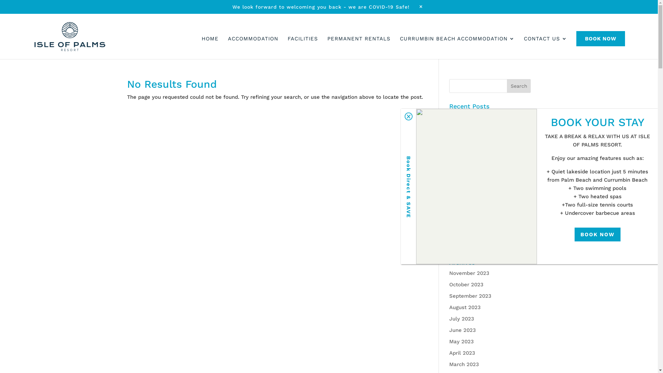 The width and height of the screenshot is (663, 373). Describe the element at coordinates (449, 121) in the screenshot. I see `'Celebrate Christmas in Style at a Lakeside Resort'` at that location.